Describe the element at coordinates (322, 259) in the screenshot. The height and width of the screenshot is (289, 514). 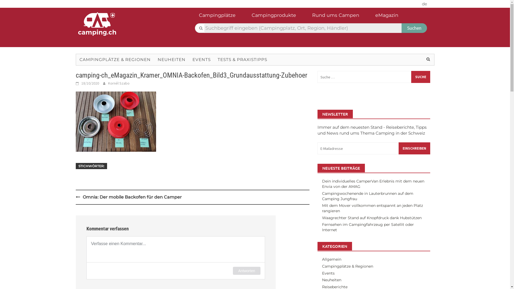
I see `'Allgemein'` at that location.